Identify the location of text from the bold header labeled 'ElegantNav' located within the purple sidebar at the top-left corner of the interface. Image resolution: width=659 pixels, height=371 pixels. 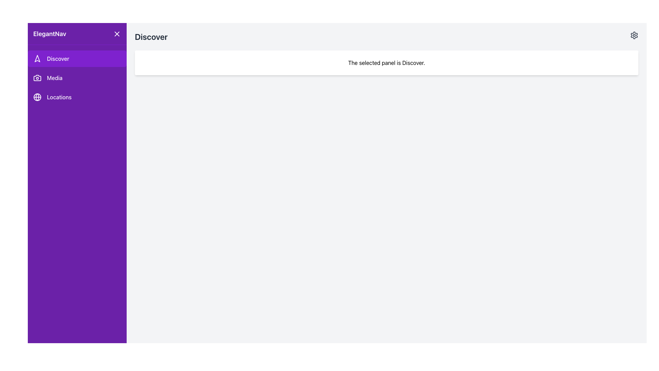
(49, 34).